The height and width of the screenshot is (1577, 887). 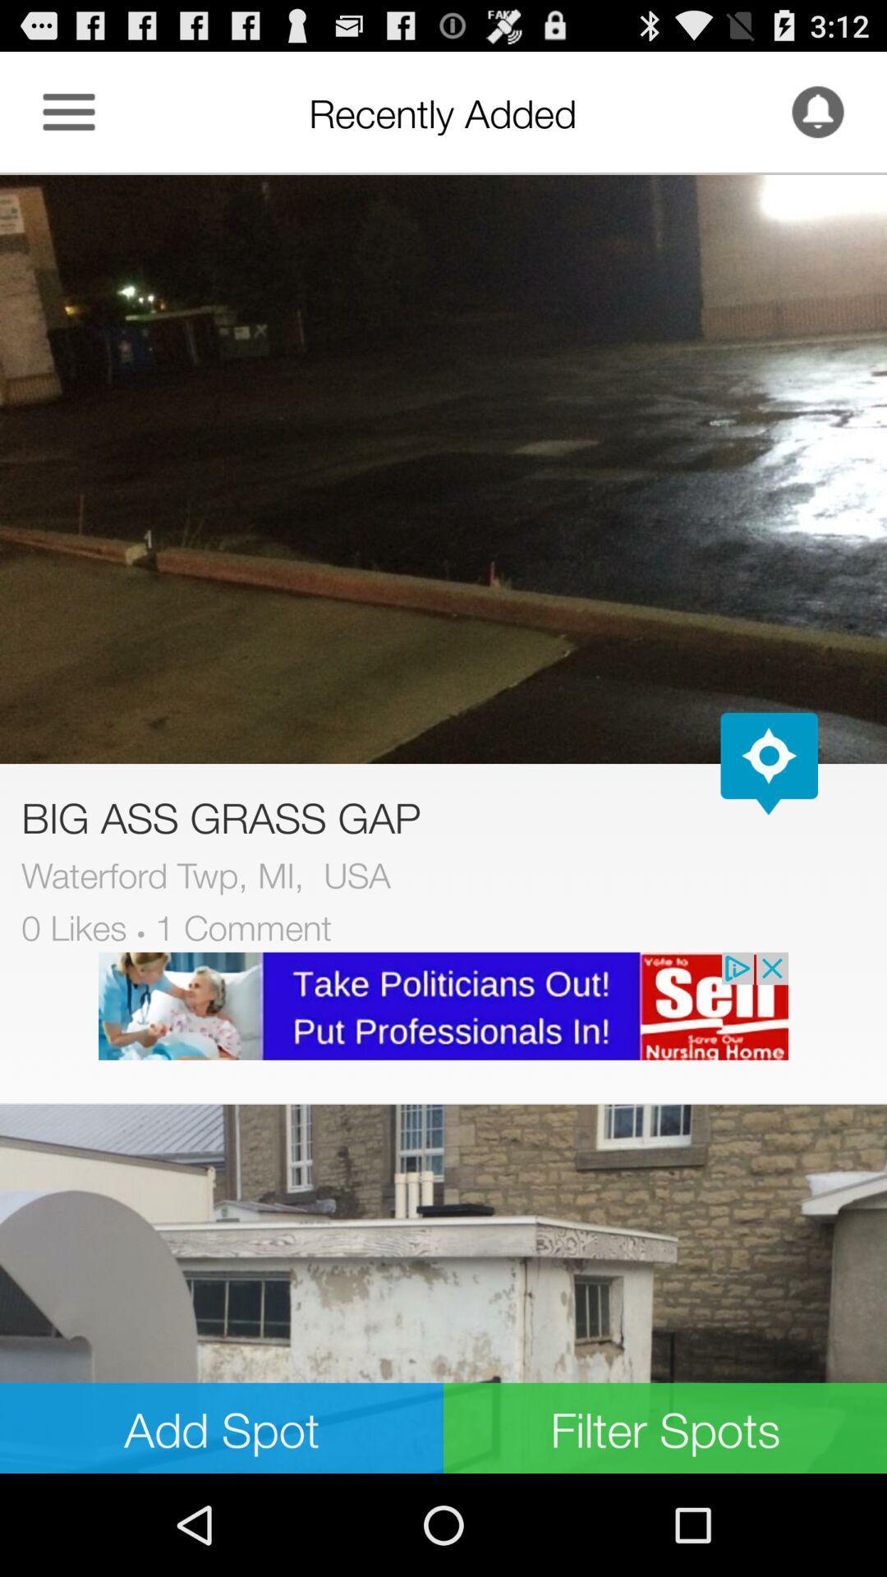 What do you see at coordinates (769, 763) in the screenshot?
I see `open map` at bounding box center [769, 763].